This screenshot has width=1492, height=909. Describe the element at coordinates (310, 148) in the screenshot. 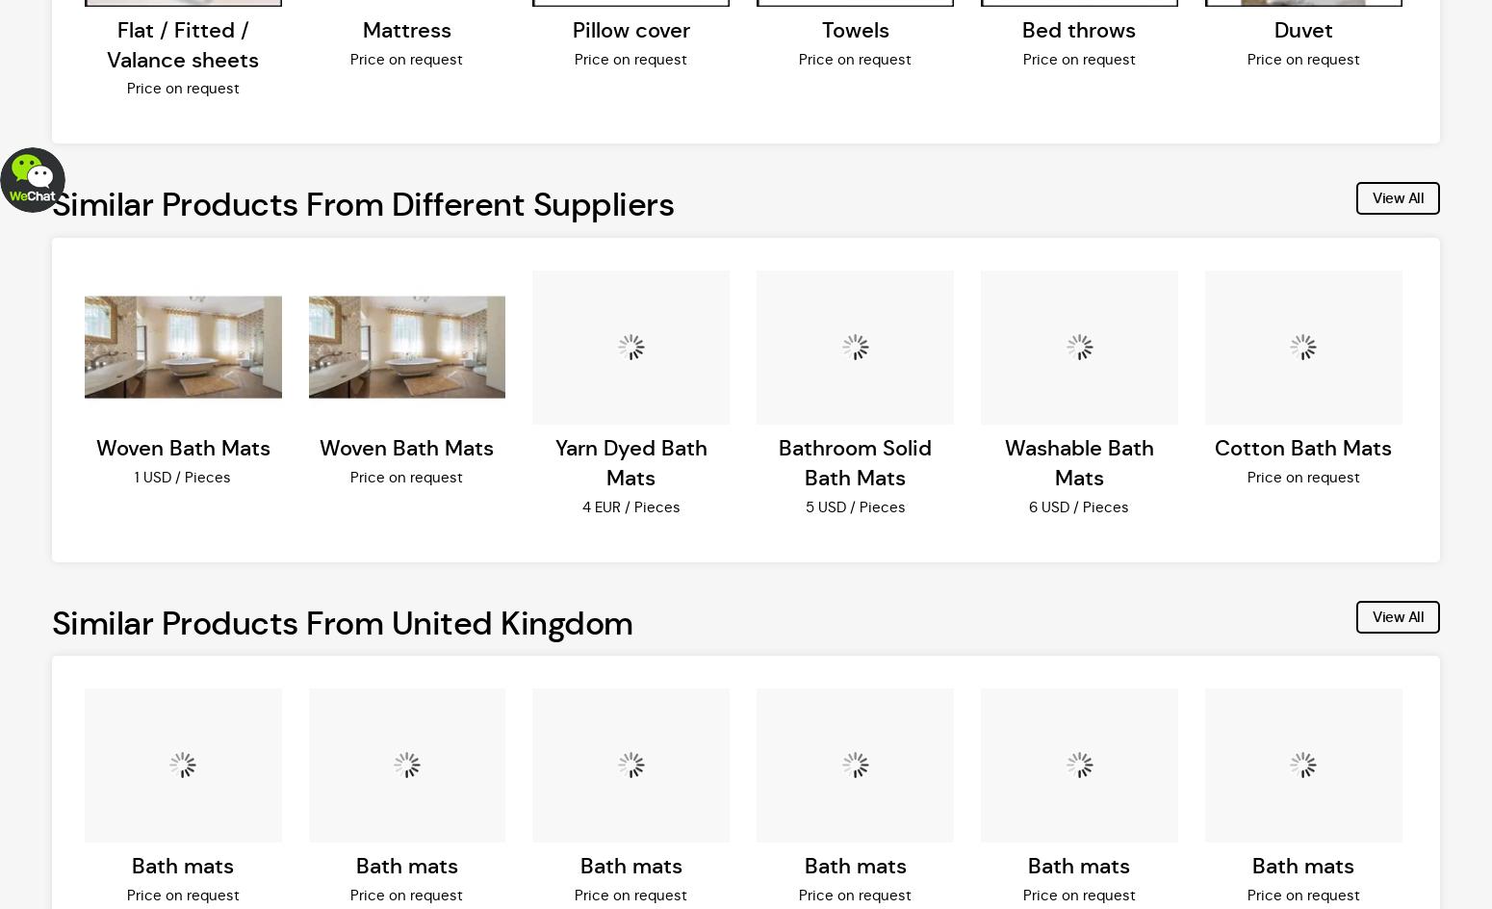

I see `'Cookie Policy'` at that location.